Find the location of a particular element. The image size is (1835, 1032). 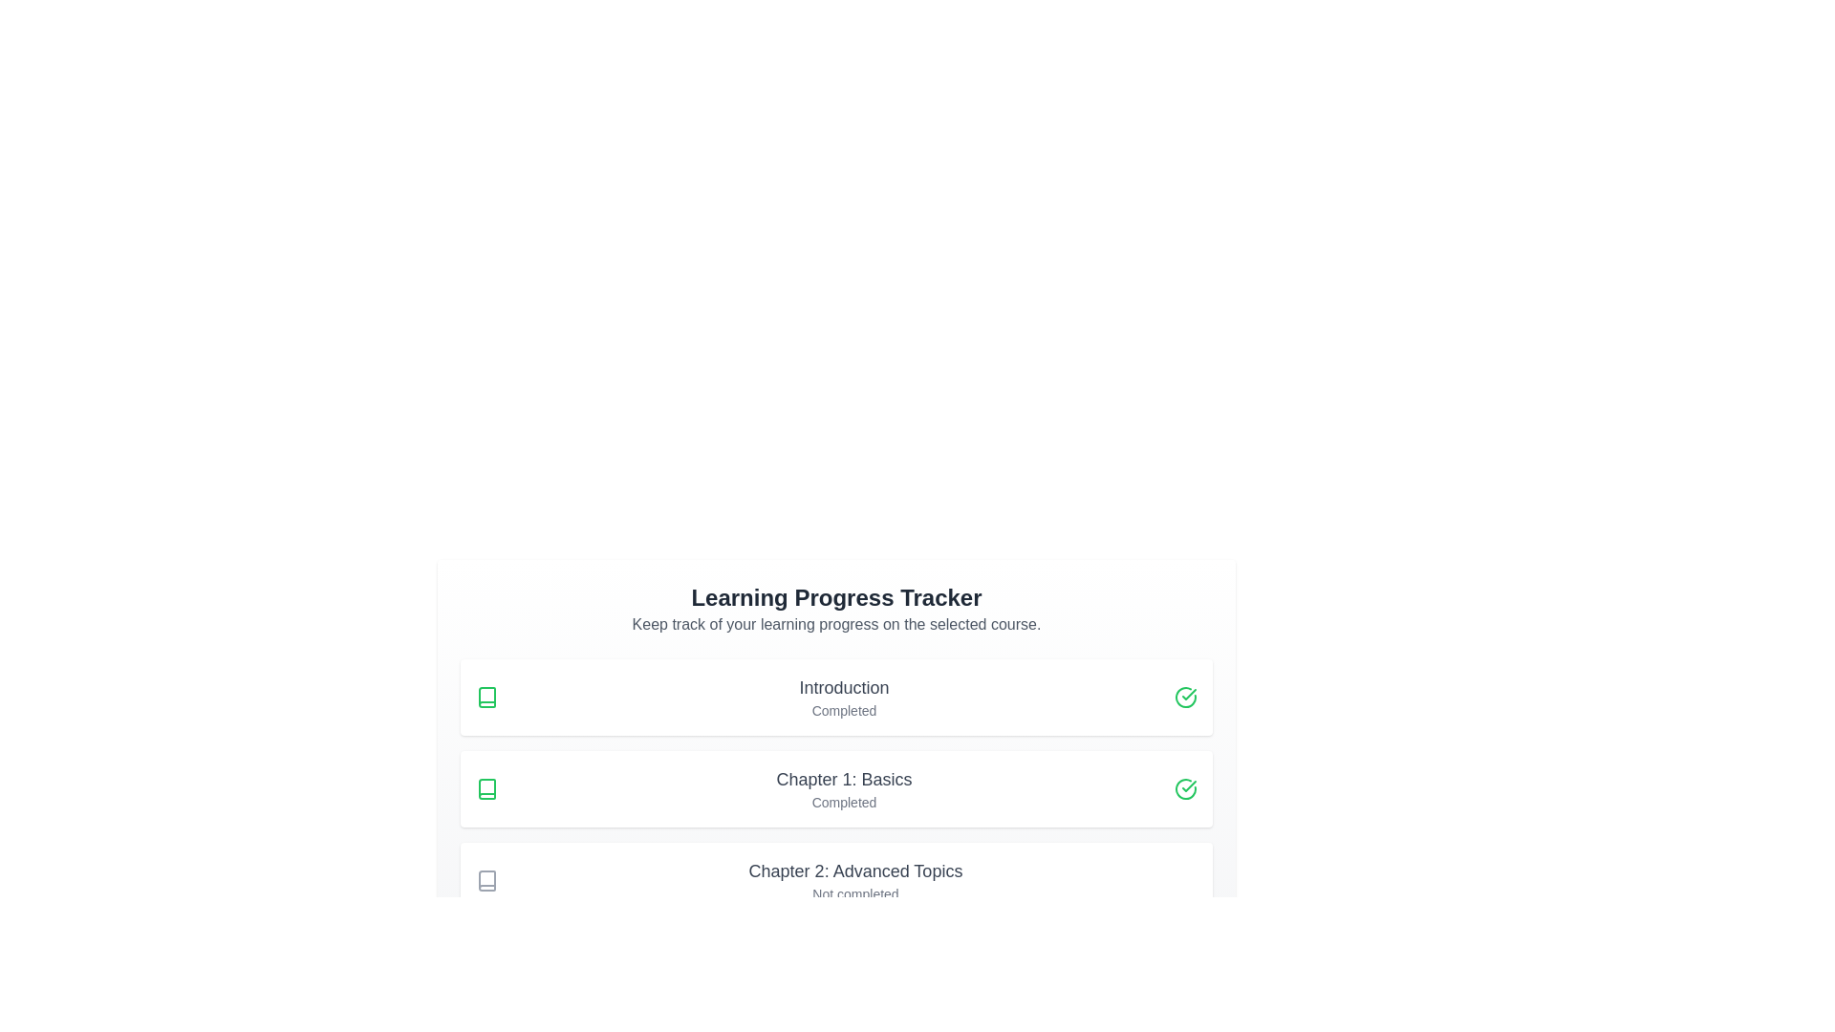

heading 'Learning Progress Tracker' of the Informational header to understand the context is located at coordinates (836, 609).